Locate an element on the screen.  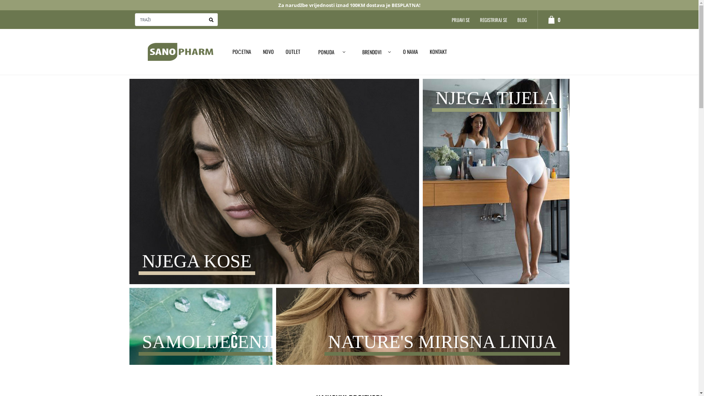
'OUTLET' is located at coordinates (292, 51).